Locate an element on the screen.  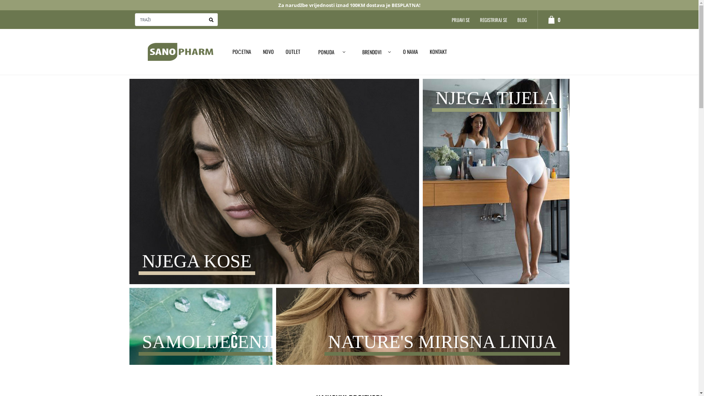
'OUTLET' is located at coordinates (292, 51).